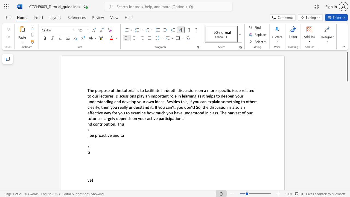 The height and width of the screenshot is (197, 350). I want to click on the scrollbar to scroll the page down, so click(347, 144).